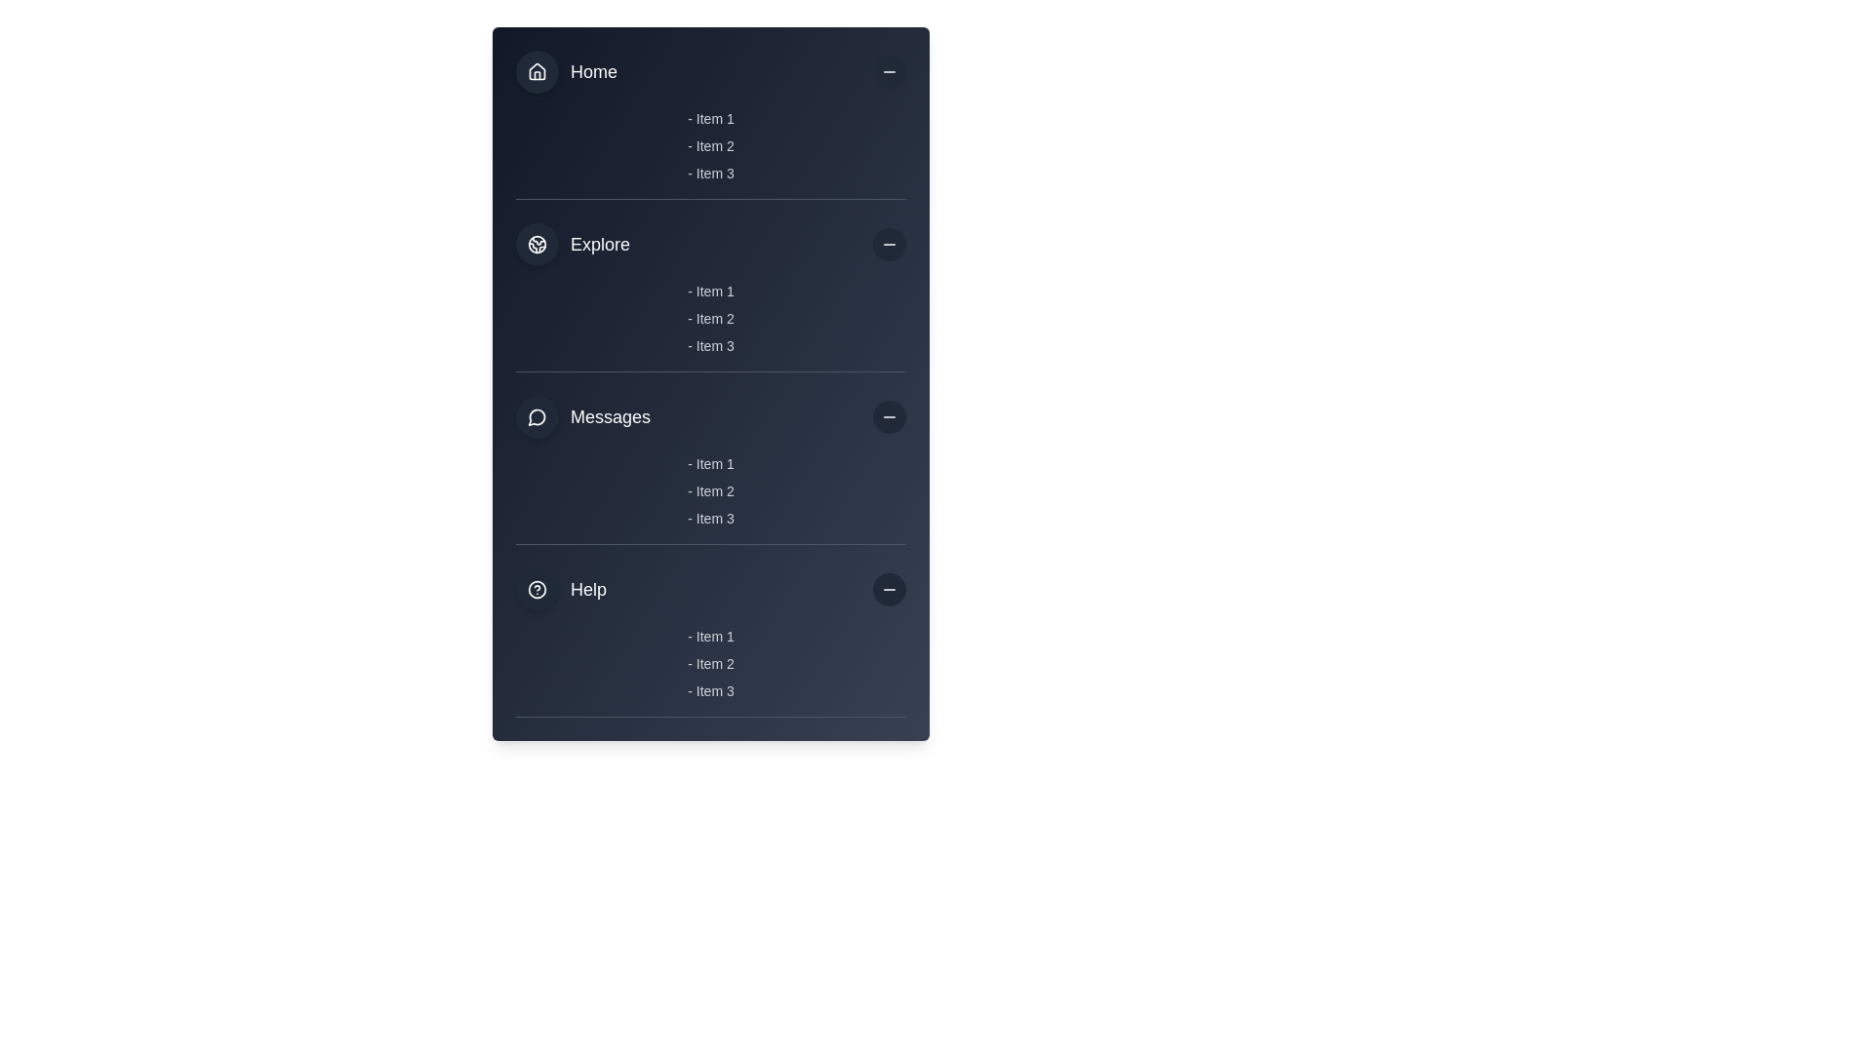  Describe the element at coordinates (710, 690) in the screenshot. I see `the non-interactive text label located in the 'Help' section, which is the third item in a vertical list beneath '- Item 2'` at that location.